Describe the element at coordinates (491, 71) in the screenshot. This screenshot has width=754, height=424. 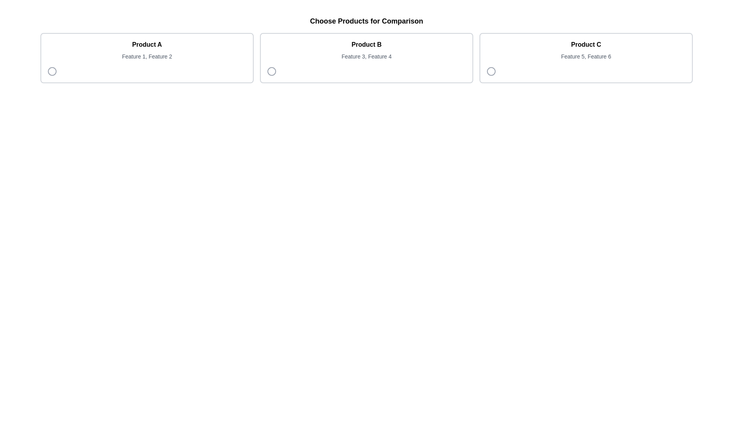
I see `the radio button located within the 'Product C' card` at that location.